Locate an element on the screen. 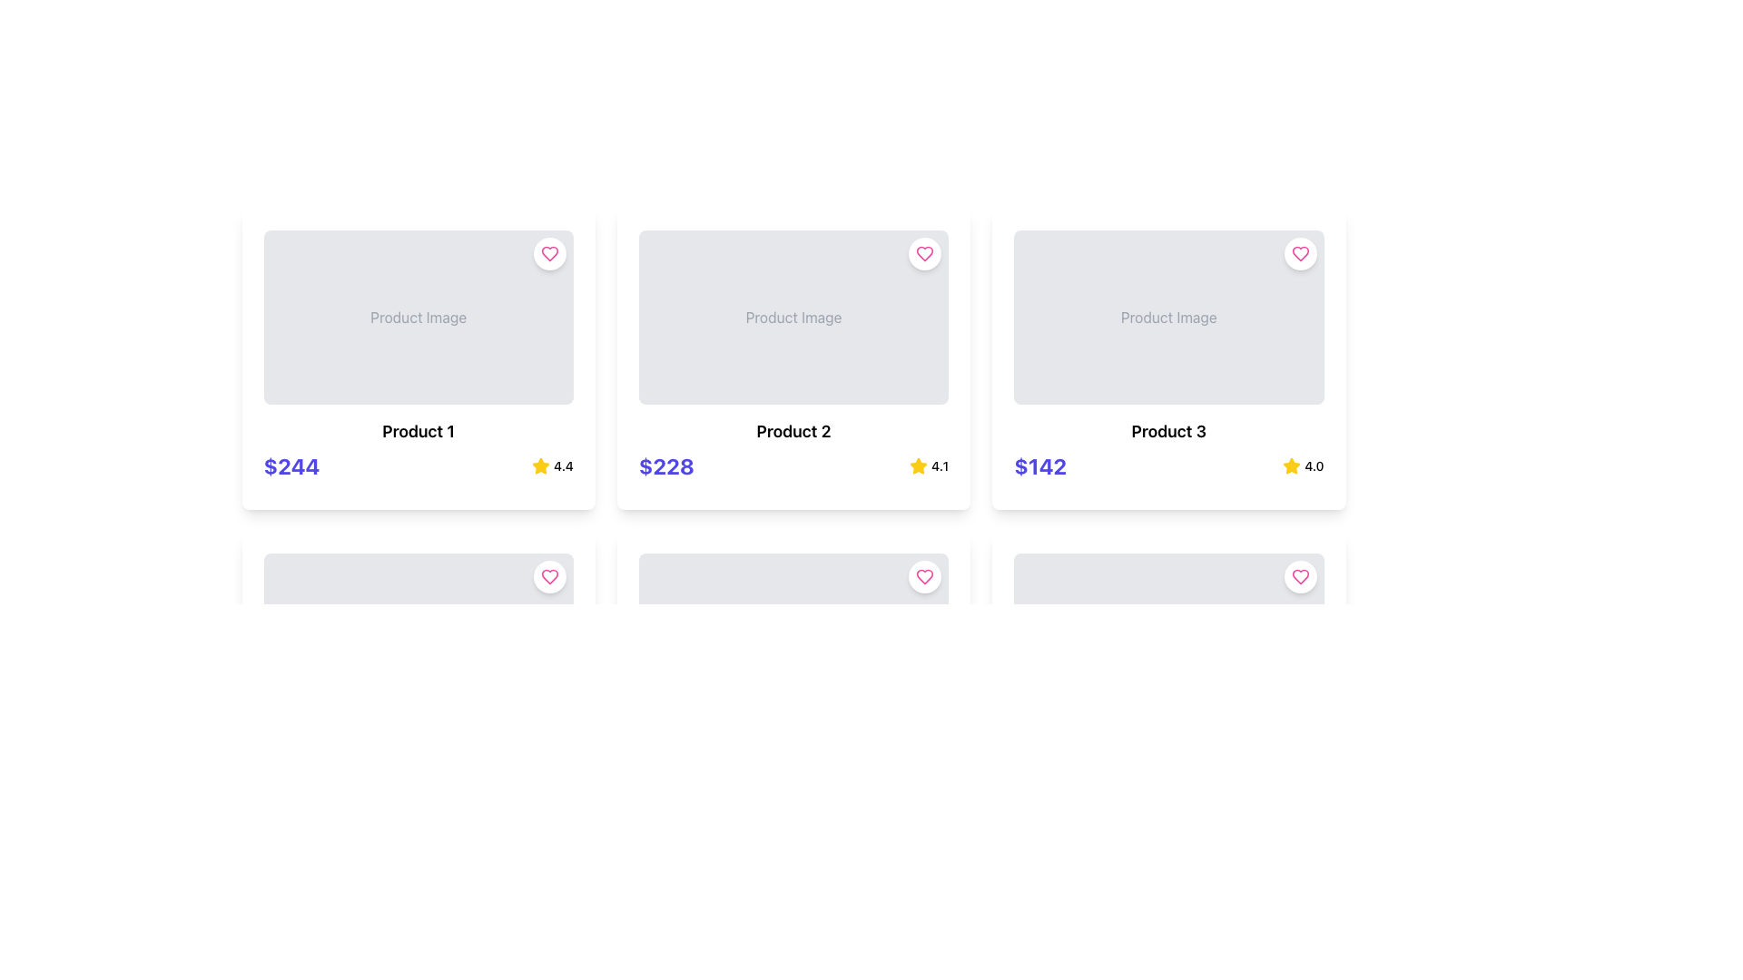 This screenshot has height=980, width=1743. the circular button with a heart icon outlined in pink at the top-right corner of the 'Product 2' display card is located at coordinates (925, 254).